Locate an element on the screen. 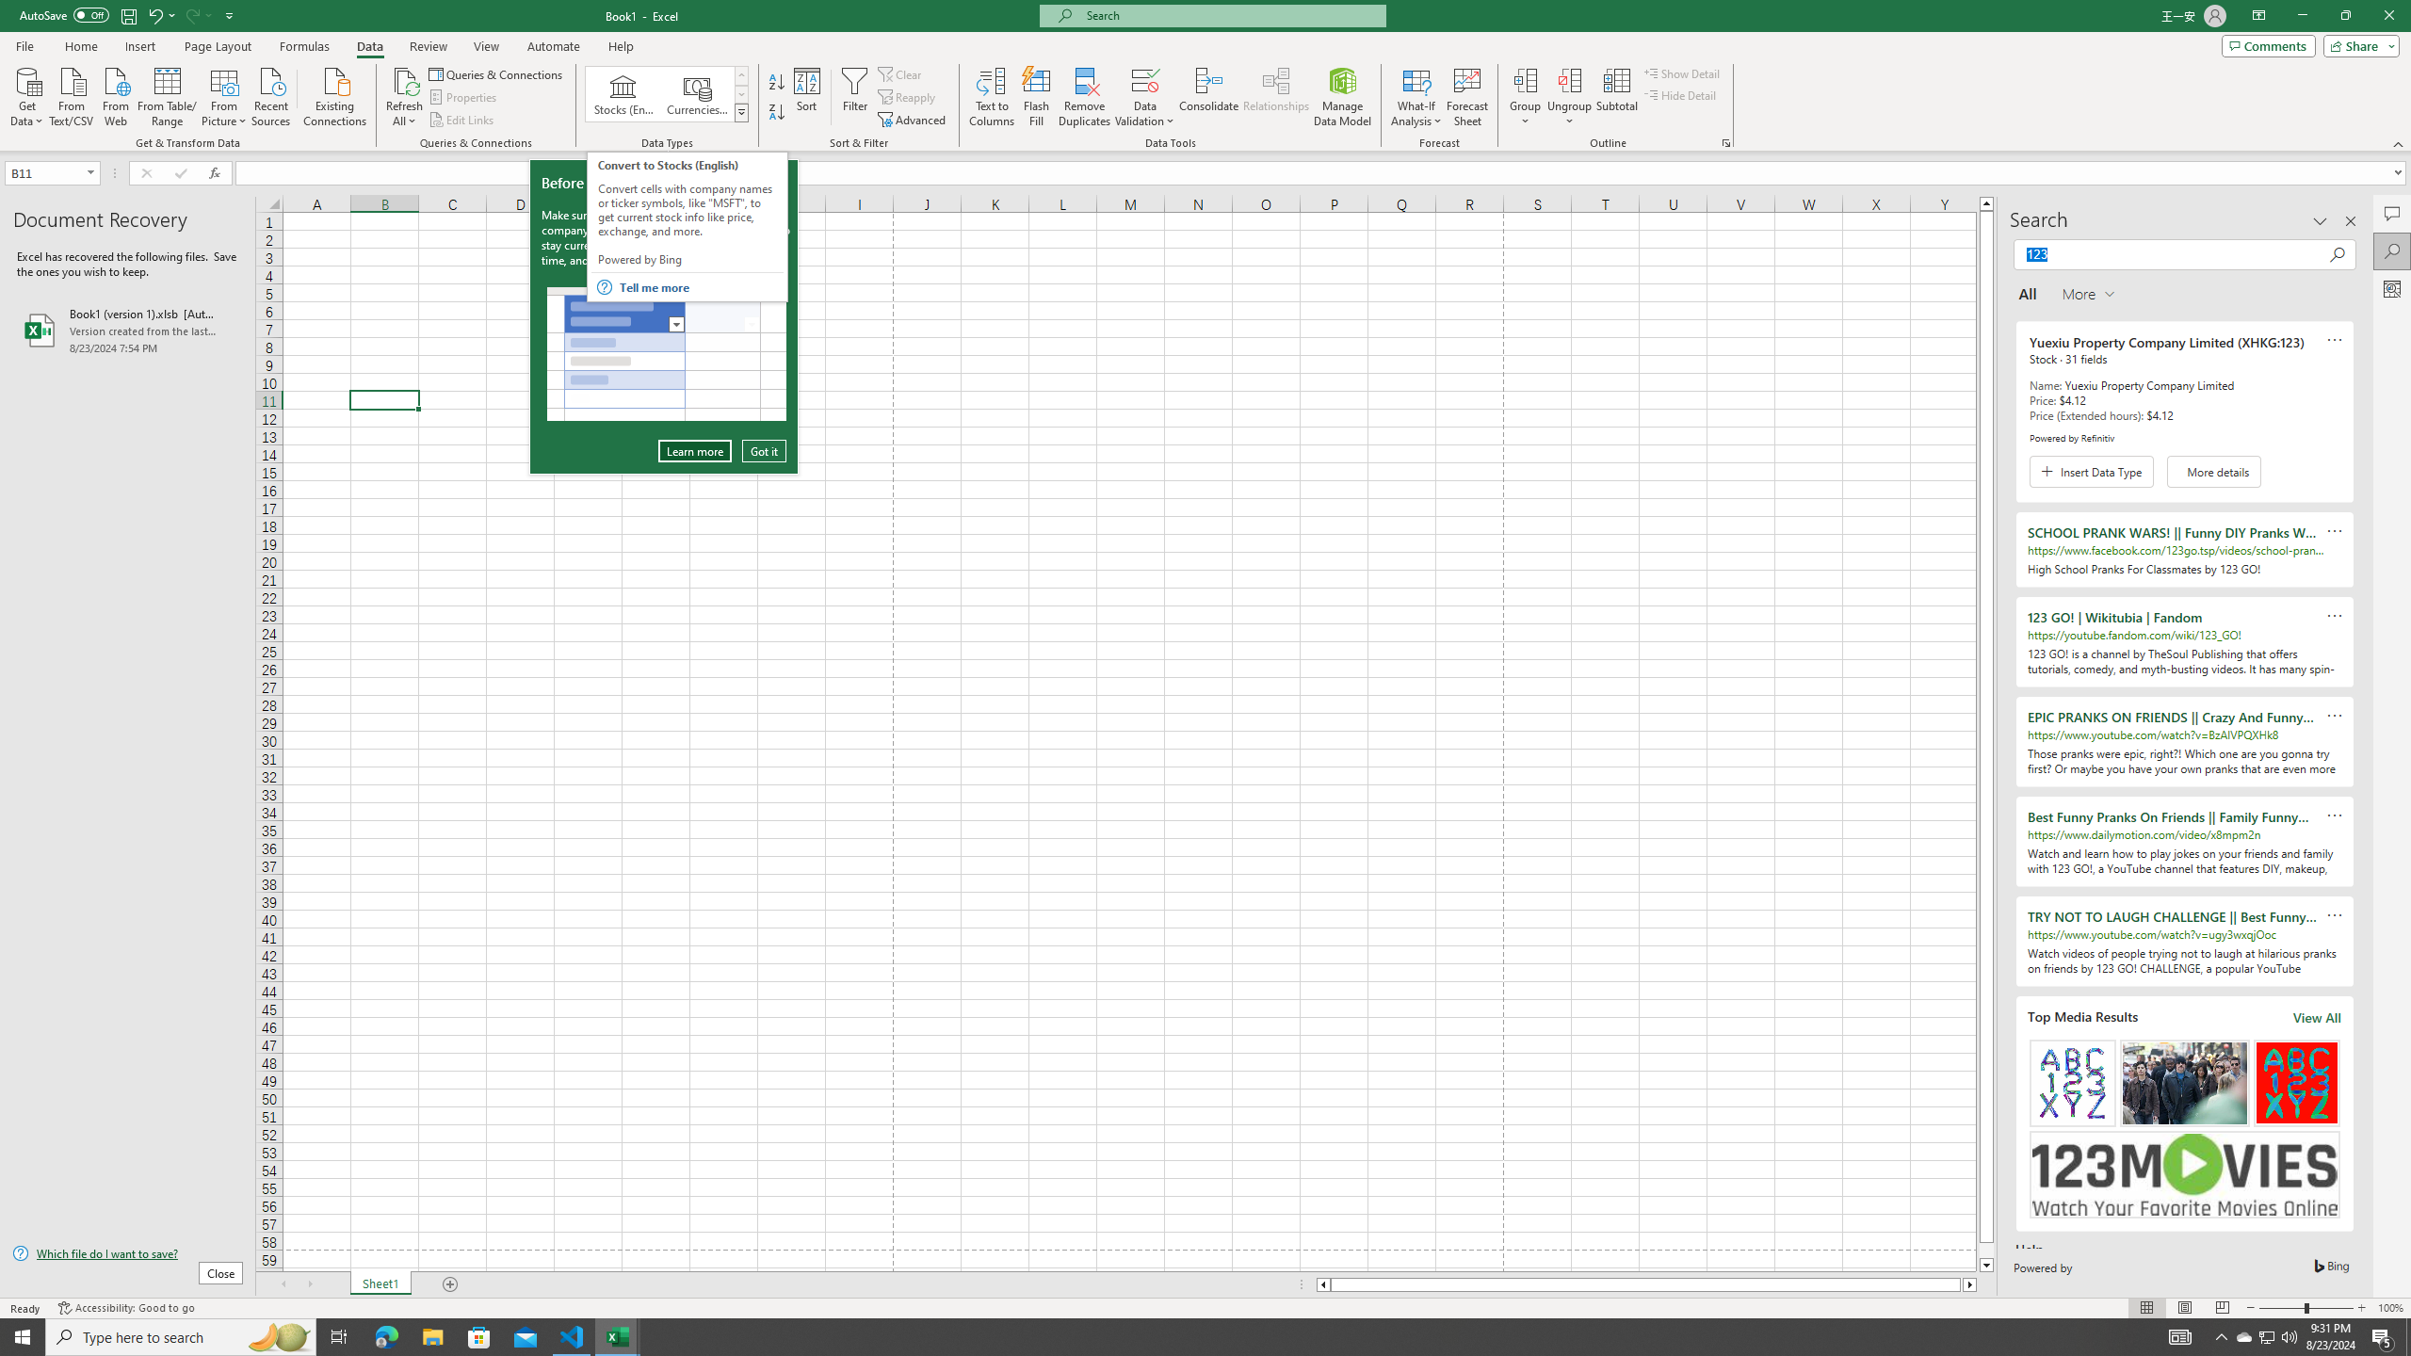 The image size is (2411, 1356). 'AutomationID: 4105' is located at coordinates (2180, 1335).